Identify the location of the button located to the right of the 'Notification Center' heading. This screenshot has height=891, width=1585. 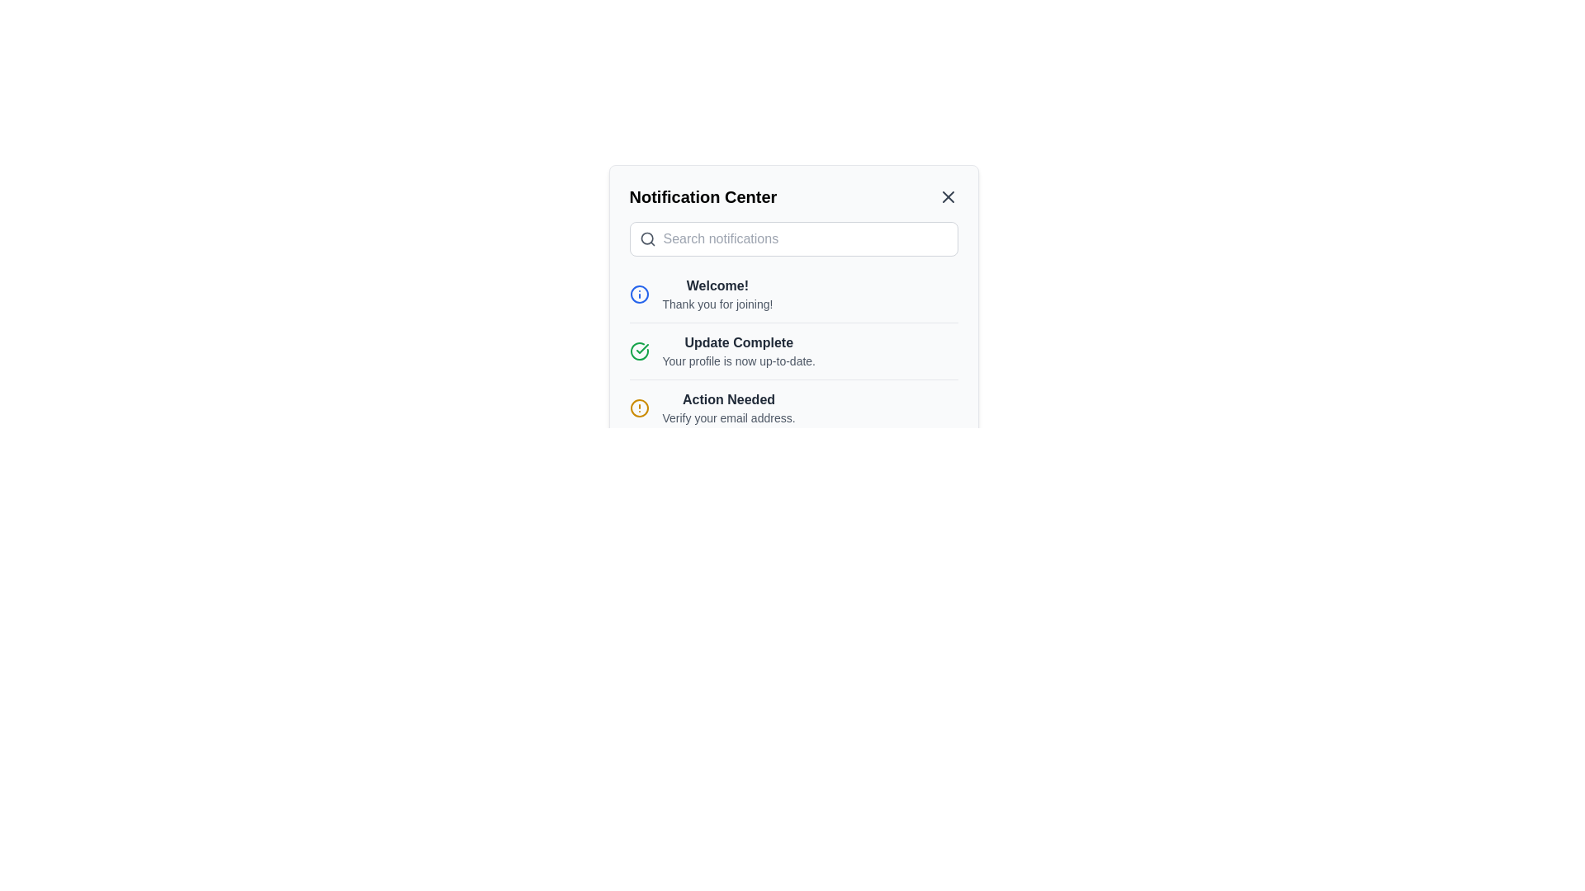
(948, 196).